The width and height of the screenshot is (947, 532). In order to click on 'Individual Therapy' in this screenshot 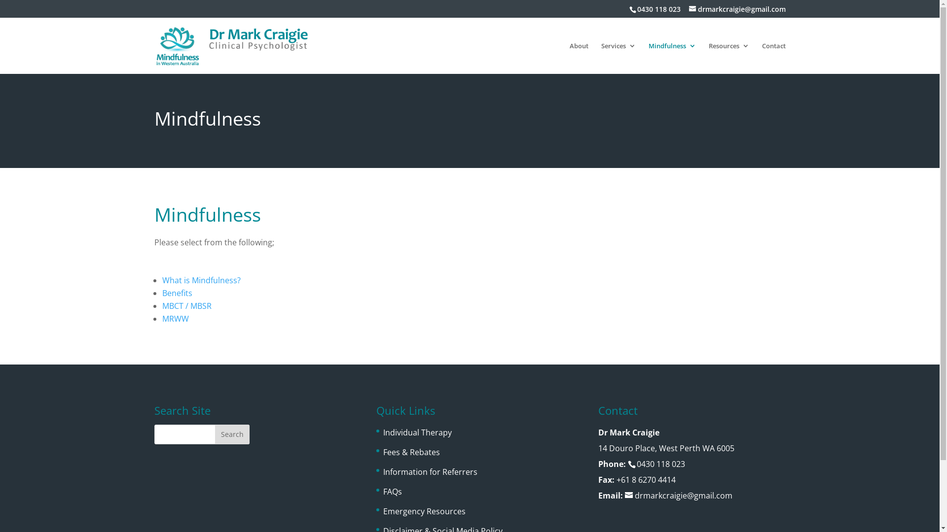, I will do `click(417, 432)`.